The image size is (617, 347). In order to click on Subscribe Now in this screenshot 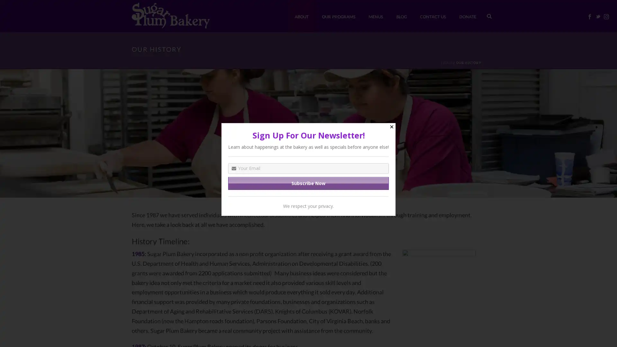, I will do `click(308, 183)`.